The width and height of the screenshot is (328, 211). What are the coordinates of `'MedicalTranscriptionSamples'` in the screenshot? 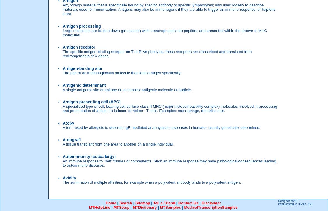 It's located at (211, 207).